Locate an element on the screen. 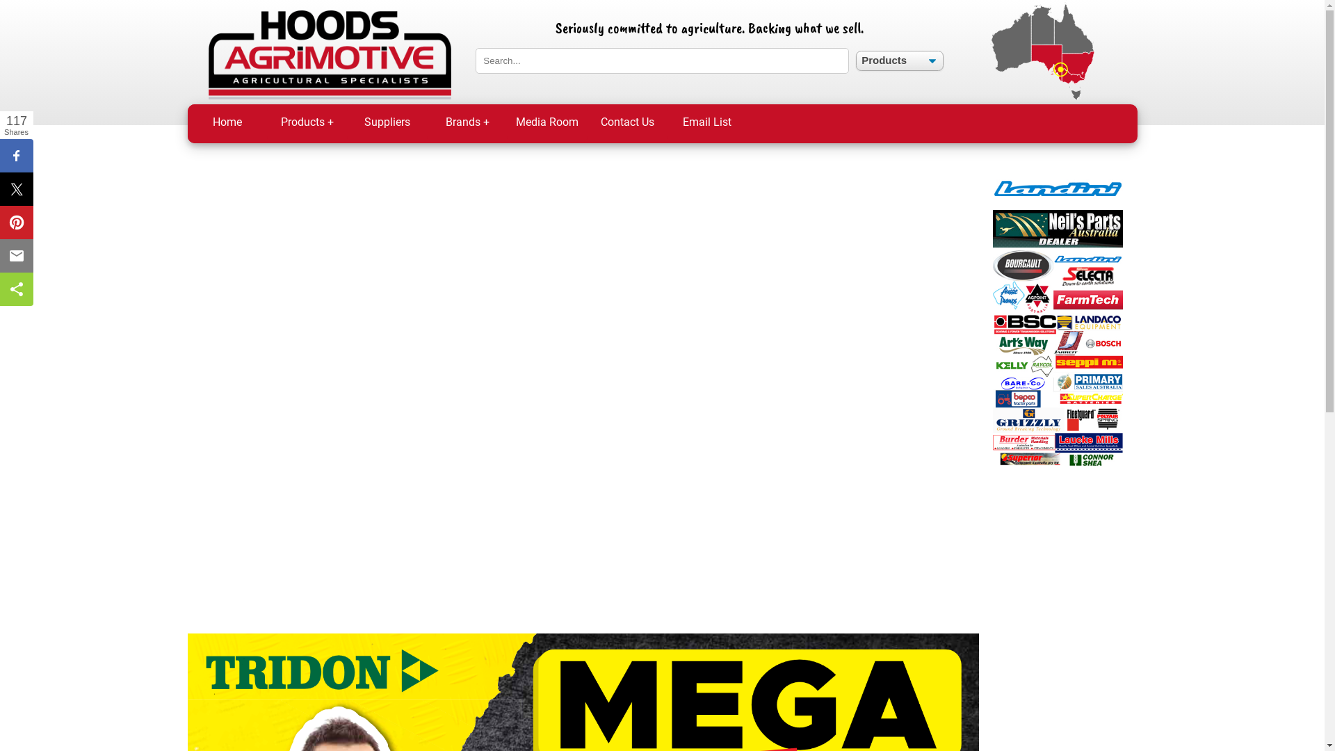 The width and height of the screenshot is (1335, 751). 'Contact Us' is located at coordinates (626, 122).